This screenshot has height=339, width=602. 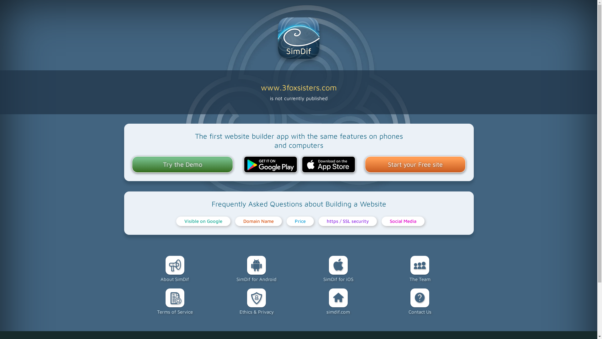 I want to click on 'The Team', so click(x=420, y=268).